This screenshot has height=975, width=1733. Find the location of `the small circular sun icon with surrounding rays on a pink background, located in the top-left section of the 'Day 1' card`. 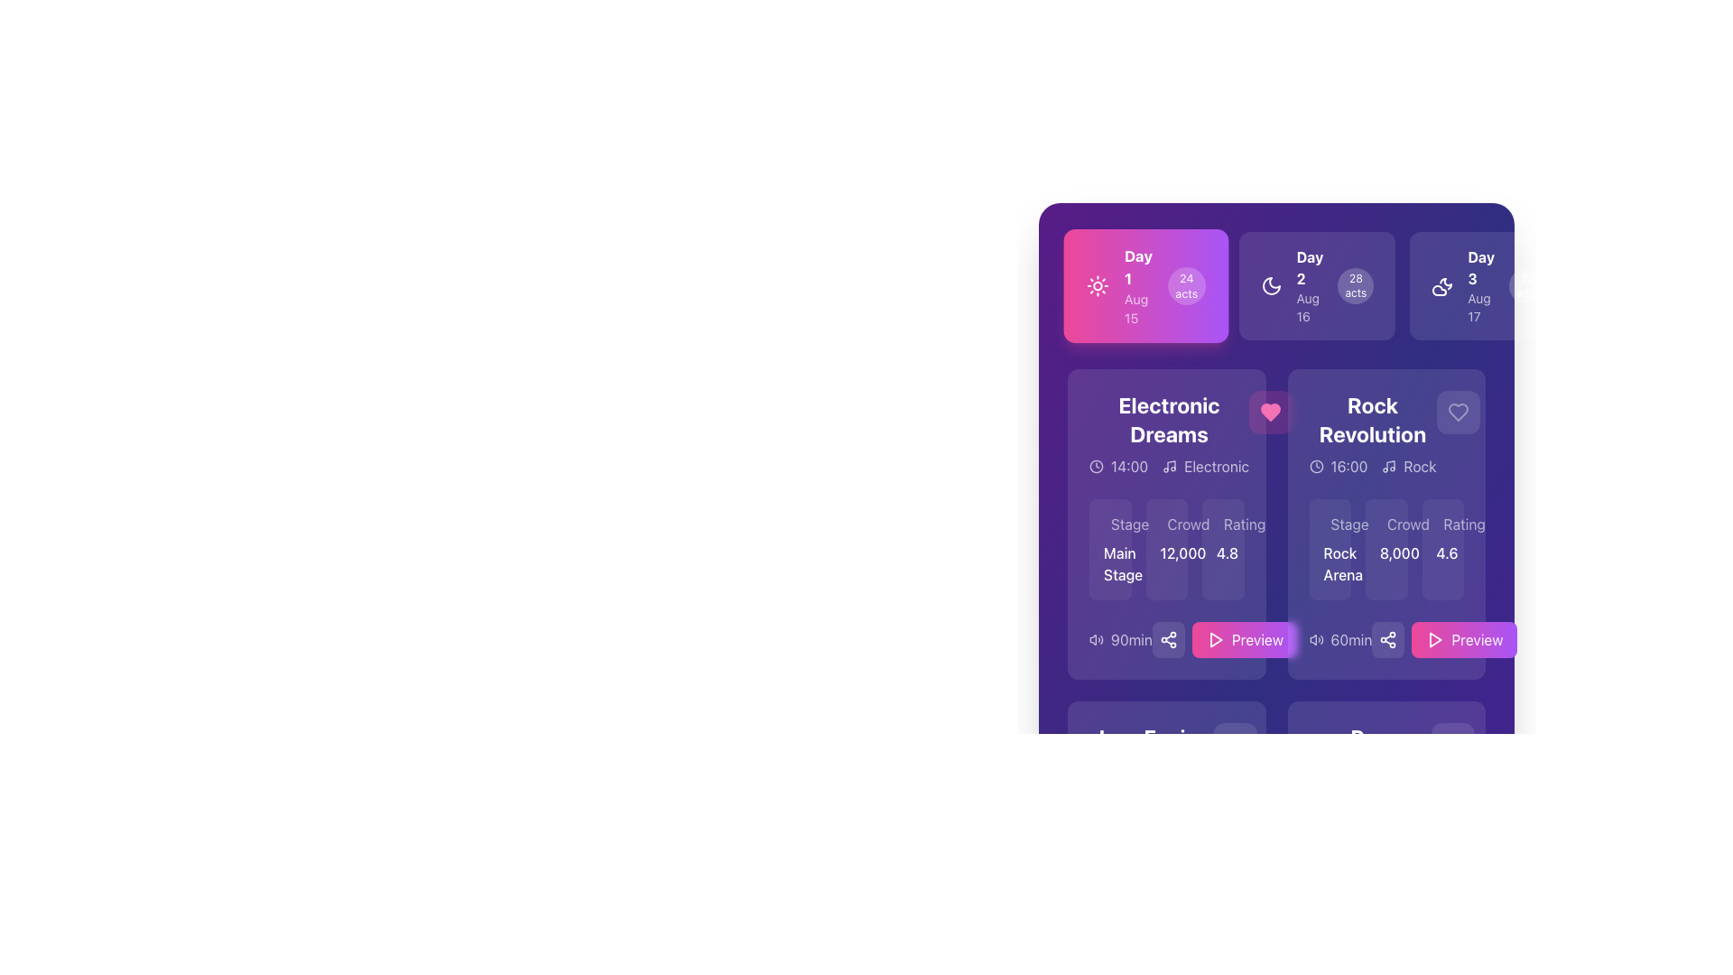

the small circular sun icon with surrounding rays on a pink background, located in the top-left section of the 'Day 1' card is located at coordinates (1097, 284).